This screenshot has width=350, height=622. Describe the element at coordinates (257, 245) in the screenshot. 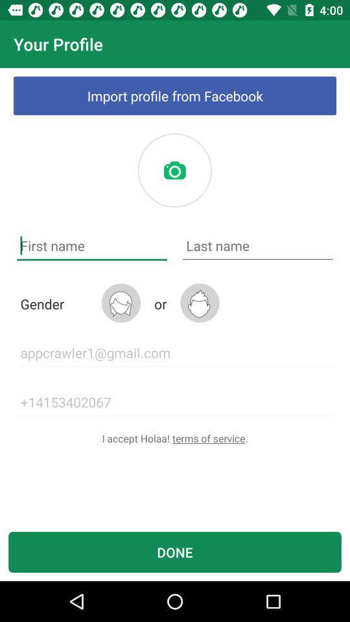

I see `insert last name` at that location.